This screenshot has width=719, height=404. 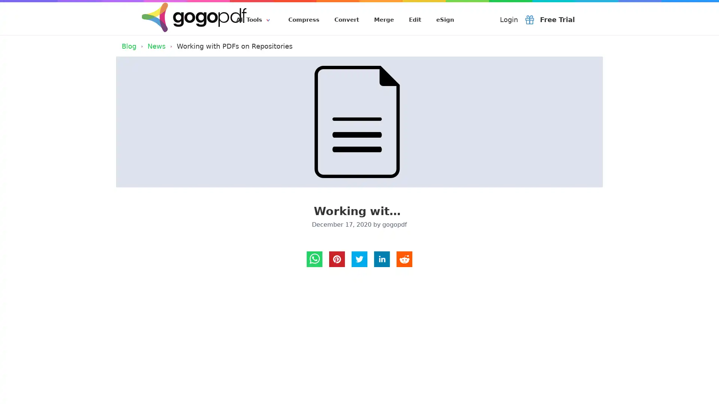 I want to click on Blog, so click(x=129, y=46).